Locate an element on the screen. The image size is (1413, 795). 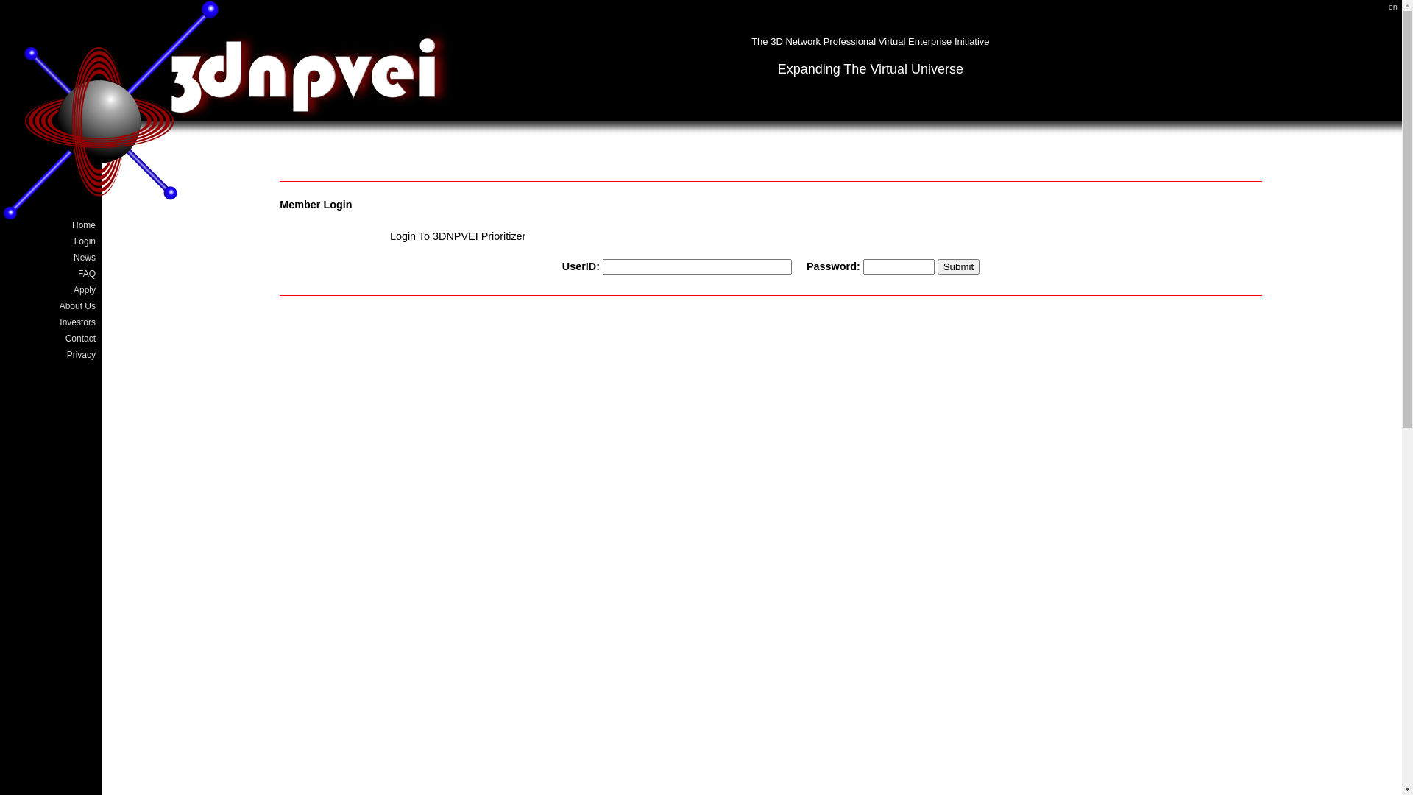
'Investors' is located at coordinates (7, 322).